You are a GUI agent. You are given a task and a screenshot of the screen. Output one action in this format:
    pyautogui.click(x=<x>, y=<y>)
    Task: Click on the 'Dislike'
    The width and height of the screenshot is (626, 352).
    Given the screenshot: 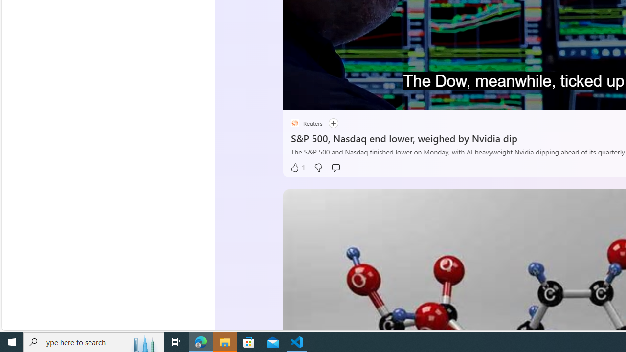 What is the action you would take?
    pyautogui.click(x=318, y=167)
    